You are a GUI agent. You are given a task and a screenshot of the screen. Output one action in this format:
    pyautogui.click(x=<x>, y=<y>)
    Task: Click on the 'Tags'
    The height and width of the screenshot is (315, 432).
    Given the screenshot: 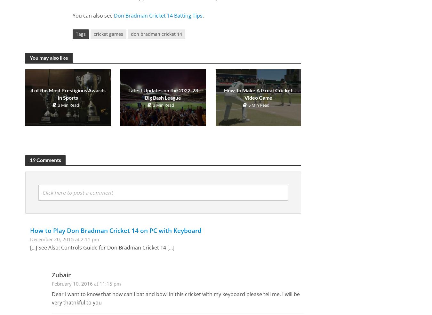 What is the action you would take?
    pyautogui.click(x=80, y=34)
    